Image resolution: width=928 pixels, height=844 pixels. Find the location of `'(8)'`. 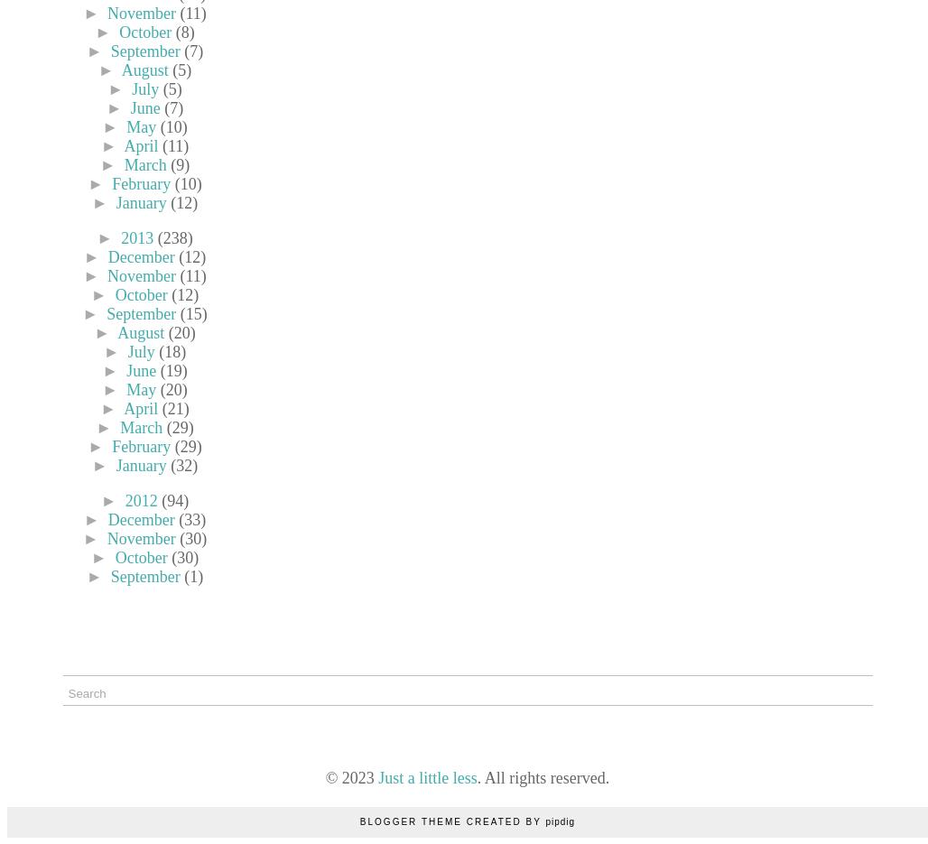

'(8)' is located at coordinates (174, 31).